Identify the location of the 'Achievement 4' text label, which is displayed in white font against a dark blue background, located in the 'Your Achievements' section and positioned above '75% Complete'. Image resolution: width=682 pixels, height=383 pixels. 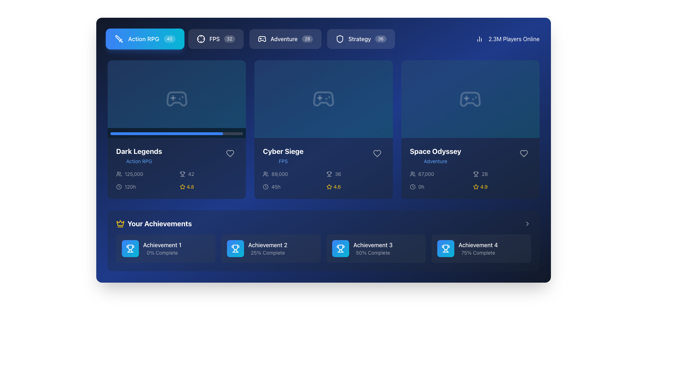
(478, 244).